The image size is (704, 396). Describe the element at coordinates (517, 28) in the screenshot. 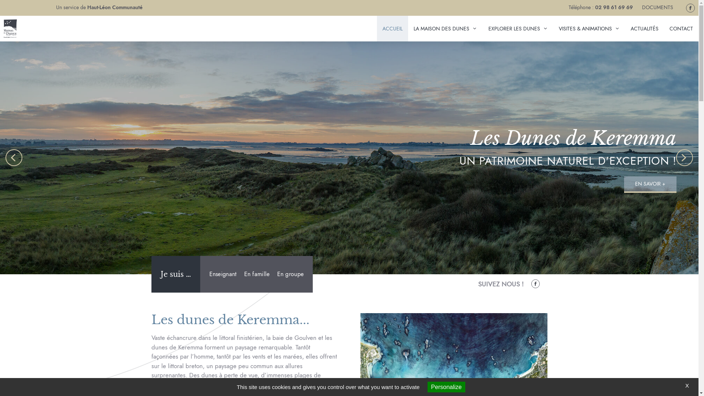

I see `'EXPLORER LES DUNES'` at that location.